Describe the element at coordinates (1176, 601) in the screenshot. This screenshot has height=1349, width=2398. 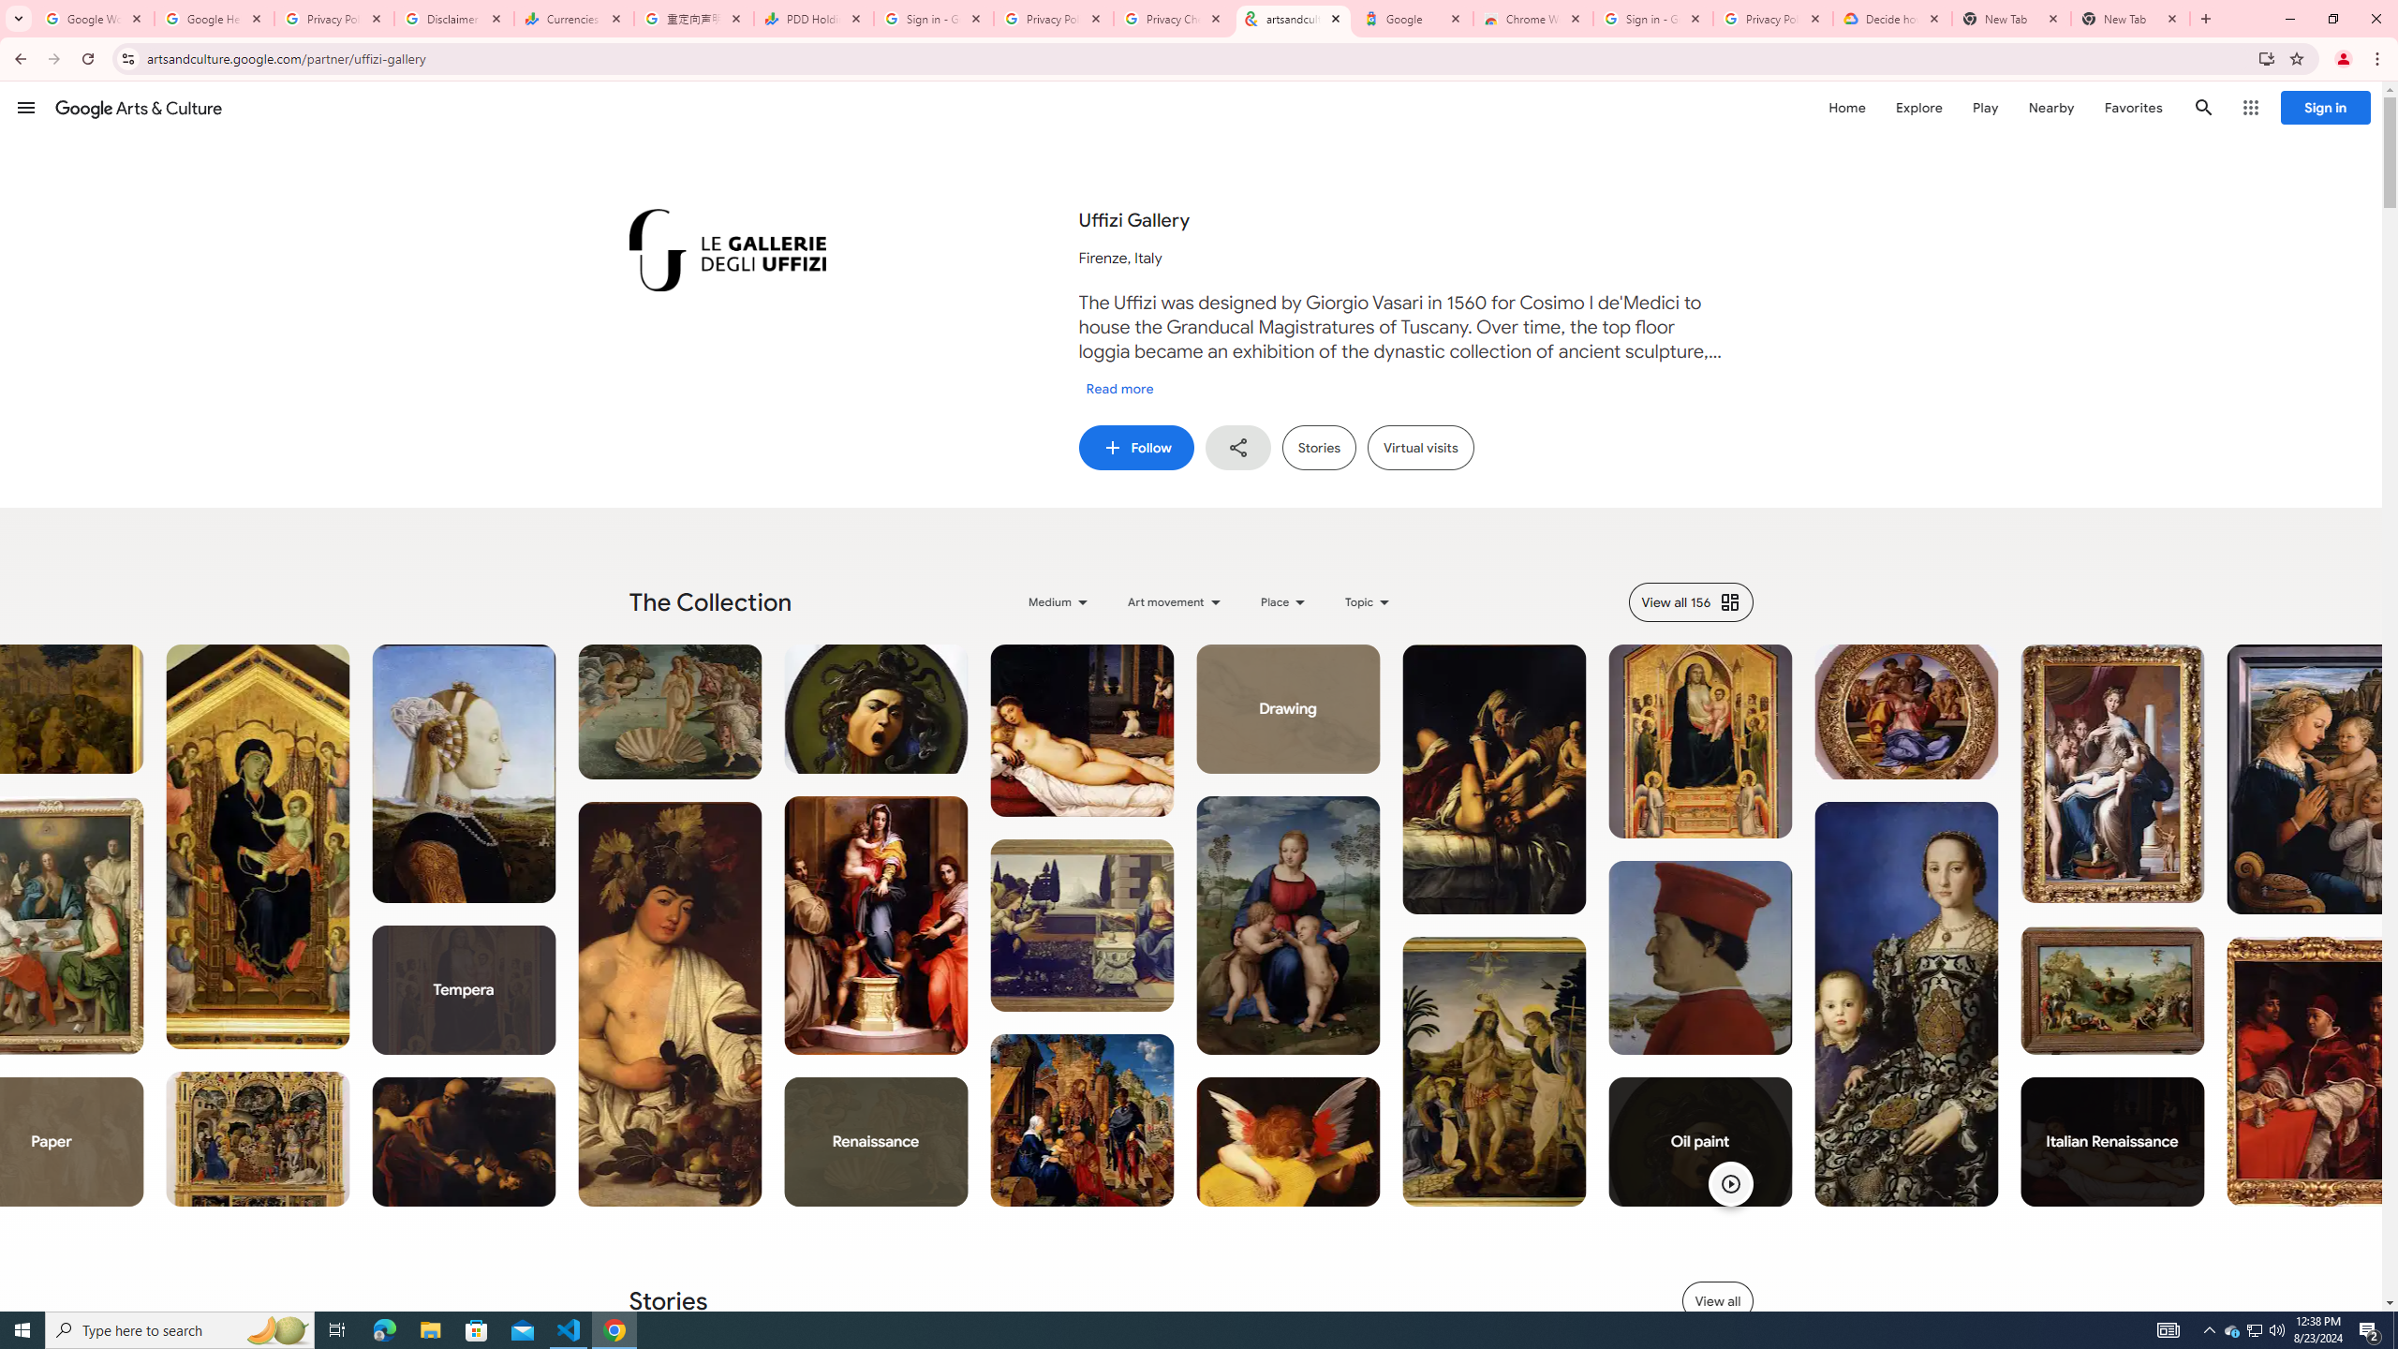
I see `'Art movement'` at that location.